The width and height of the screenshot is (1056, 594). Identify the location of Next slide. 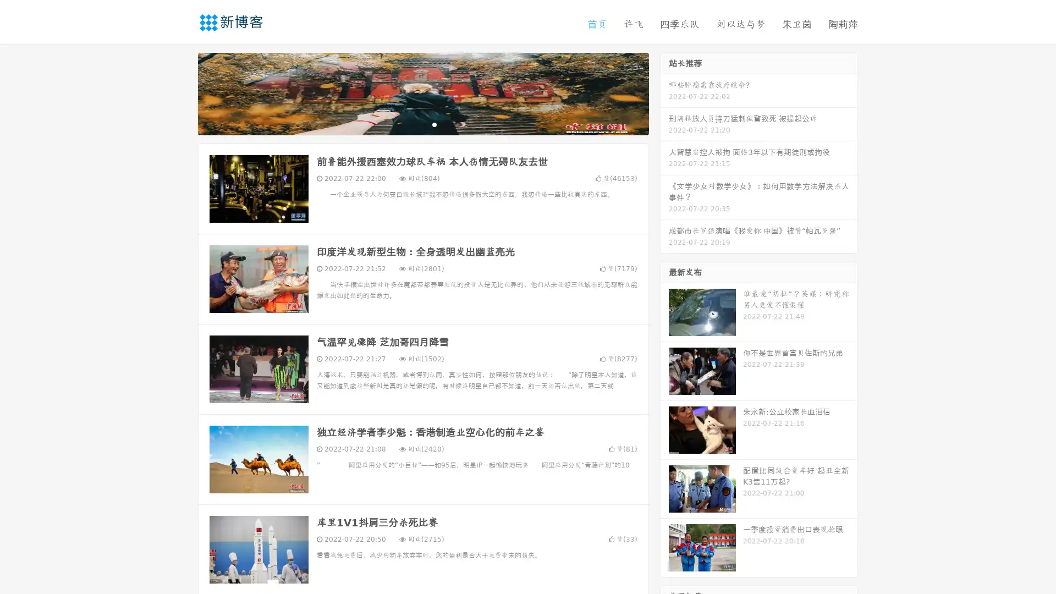
(664, 92).